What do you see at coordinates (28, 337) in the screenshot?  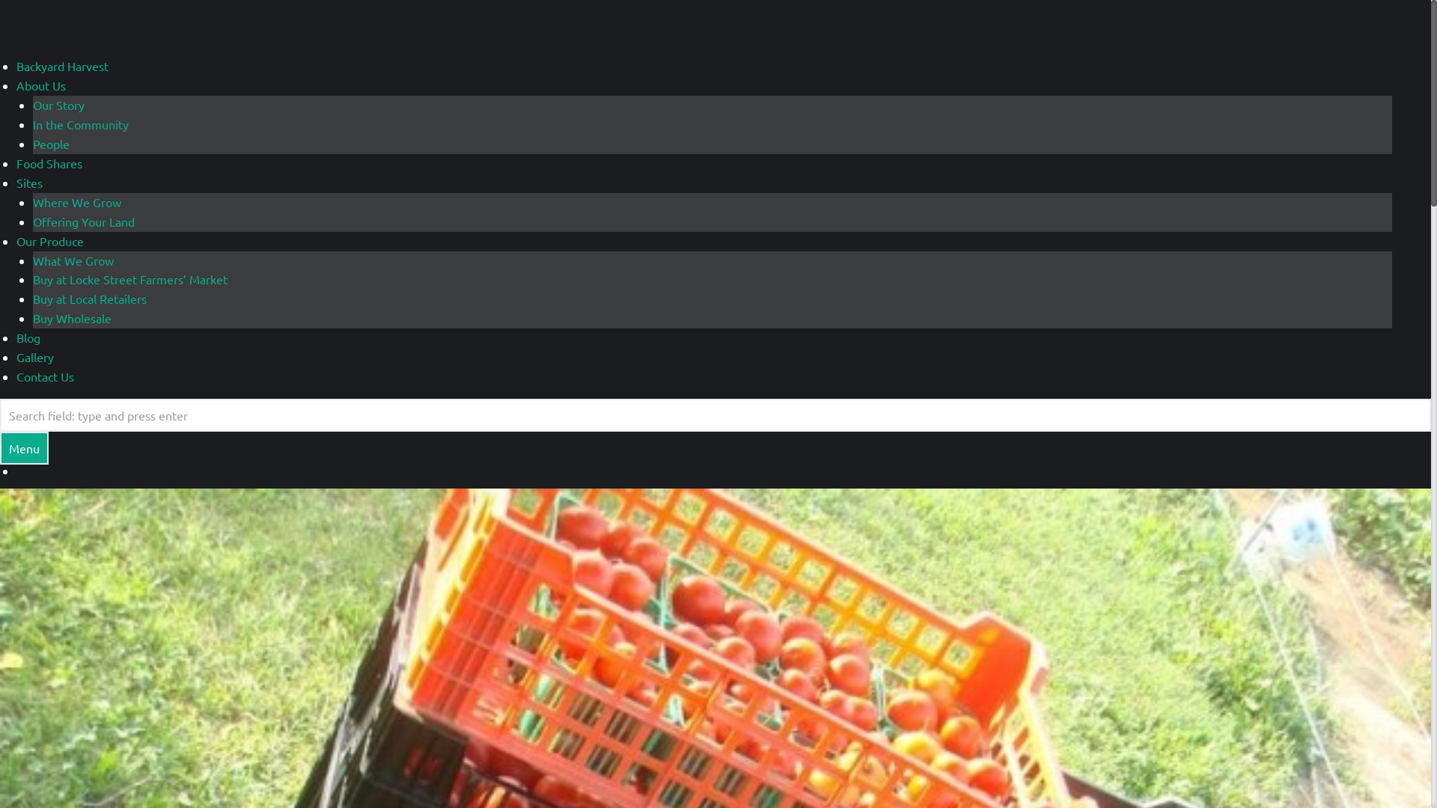 I see `'Blog'` at bounding box center [28, 337].